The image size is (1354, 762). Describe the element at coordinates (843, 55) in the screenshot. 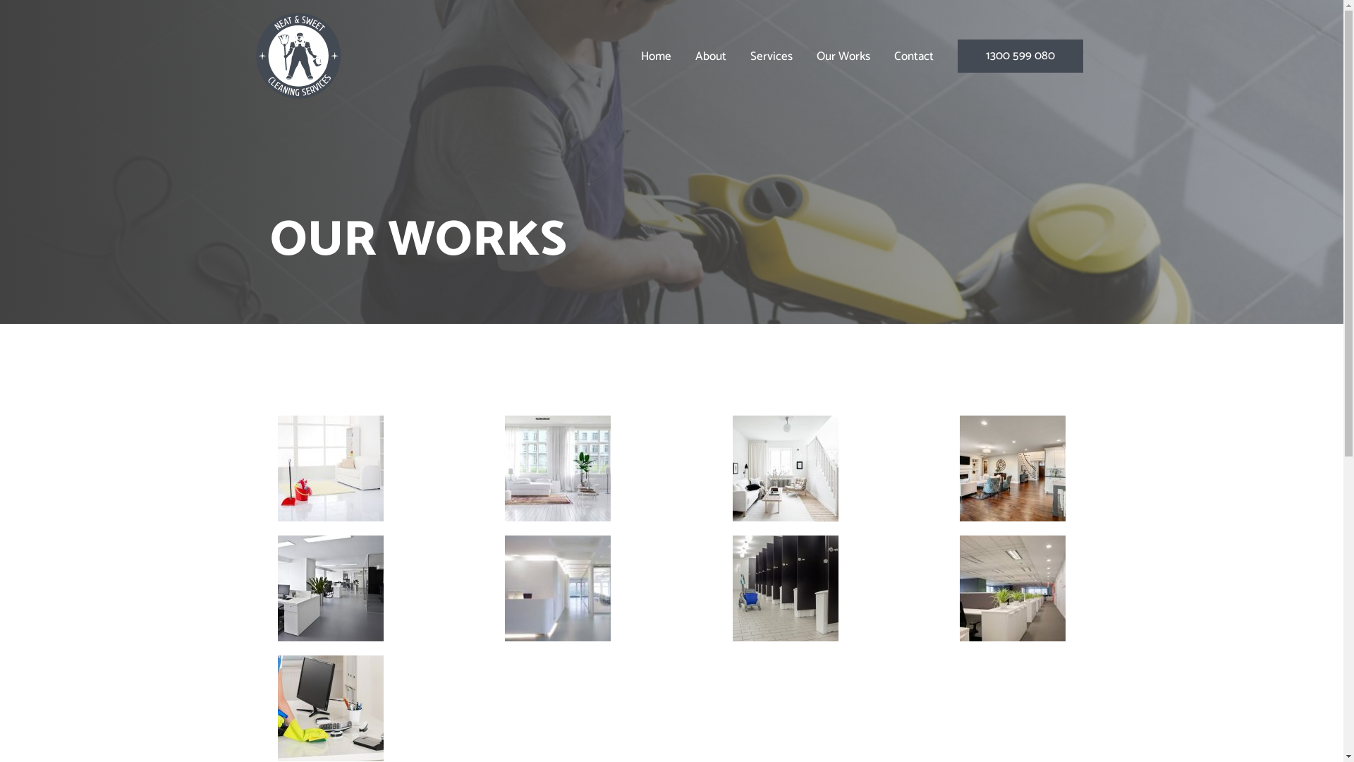

I see `'Our Works'` at that location.